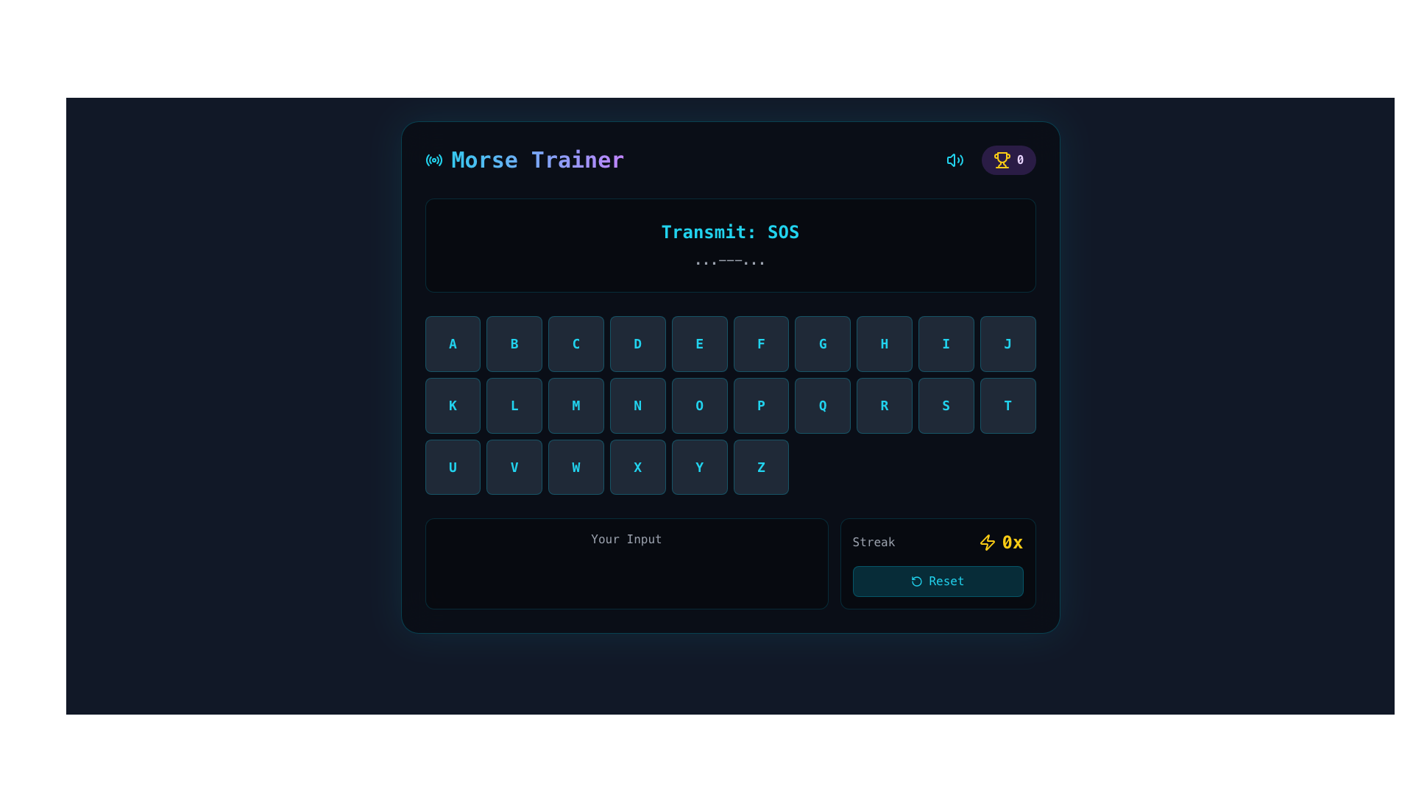 This screenshot has width=1413, height=794. I want to click on the square-shaped button labeled 'I' which is dark gray with cyan text and a cyan border, located in the first row of the grid of buttons, so click(946, 343).